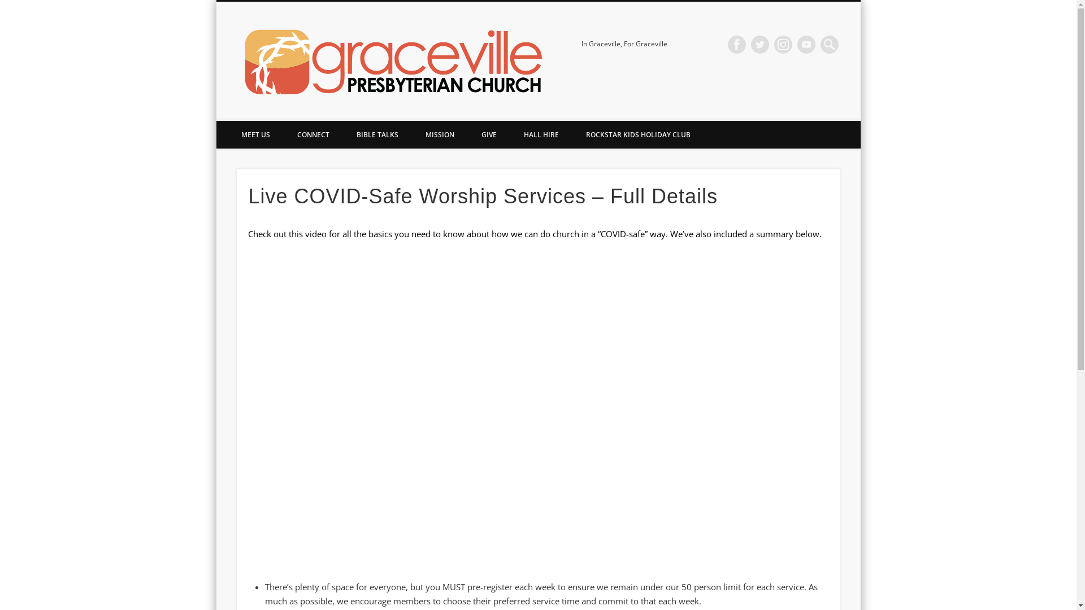  Describe the element at coordinates (540, 134) in the screenshot. I see `'HALL HIRE'` at that location.